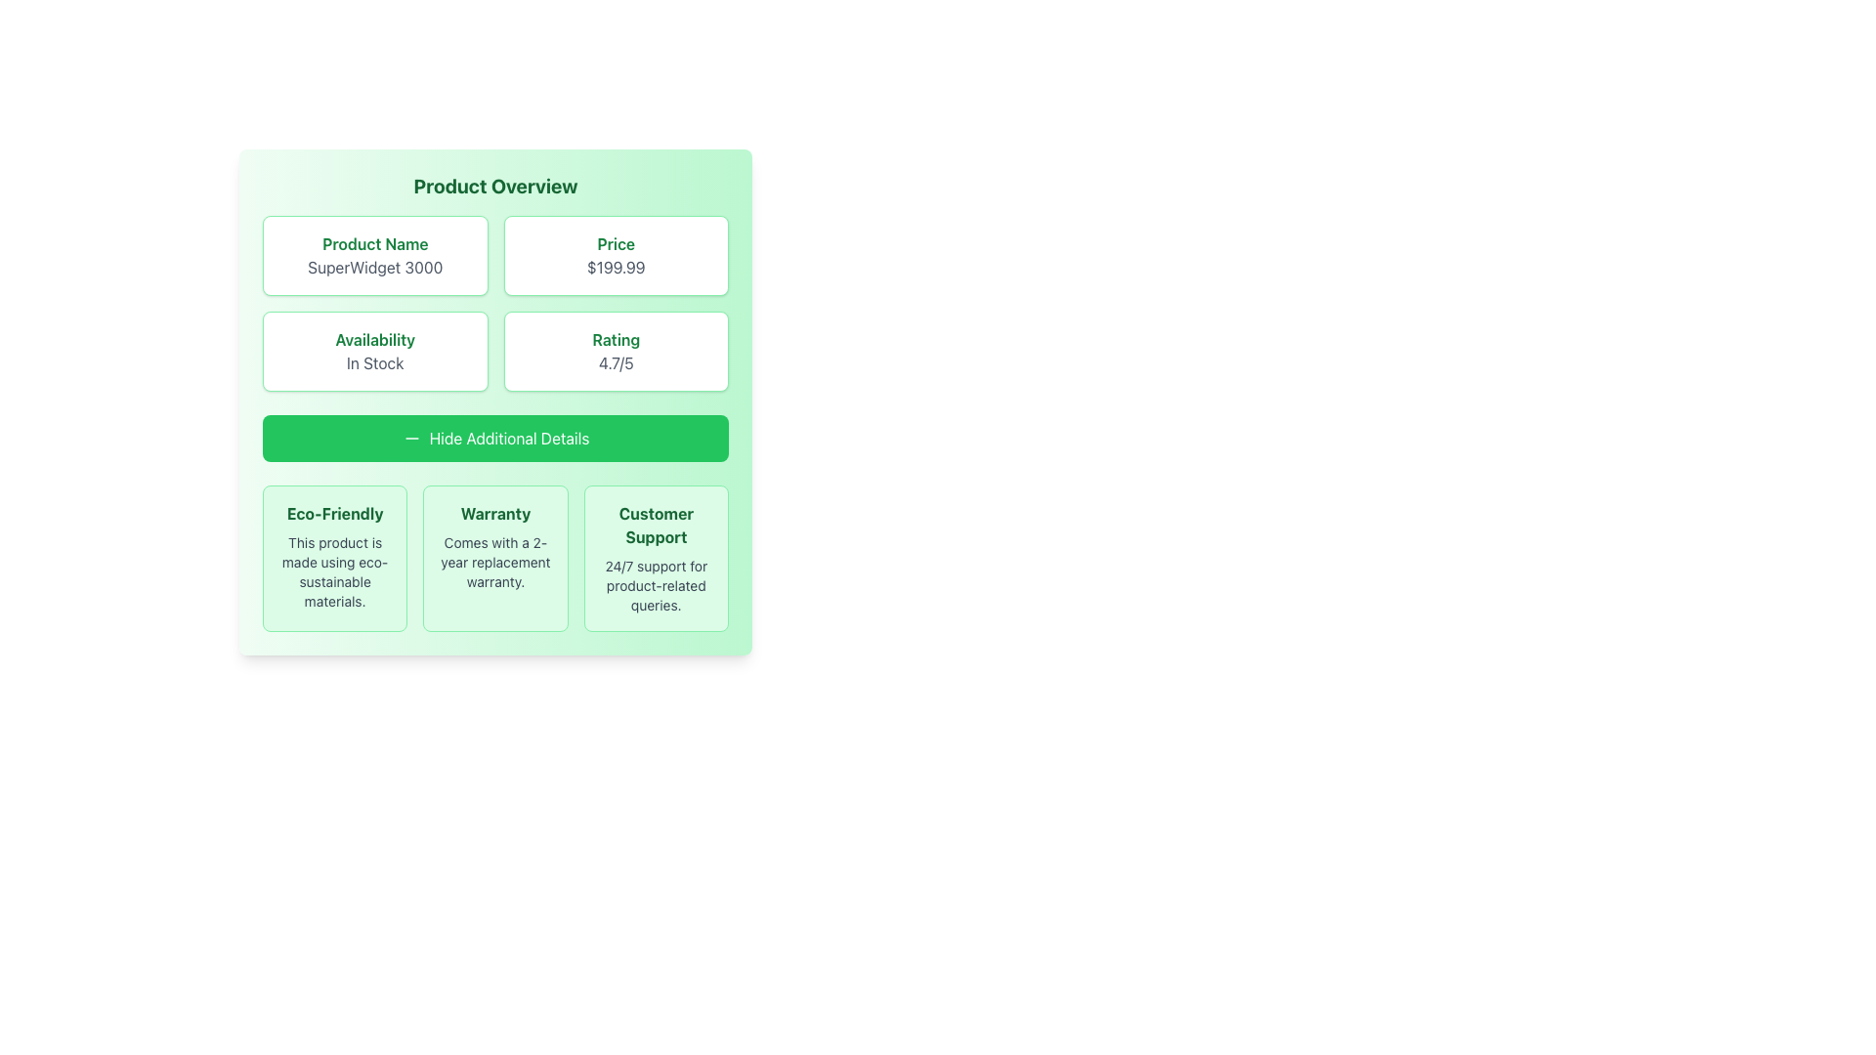  What do you see at coordinates (615, 243) in the screenshot?
I see `the label indicating the product price in the 'Product Overview' section, located in the right column of the central grid` at bounding box center [615, 243].